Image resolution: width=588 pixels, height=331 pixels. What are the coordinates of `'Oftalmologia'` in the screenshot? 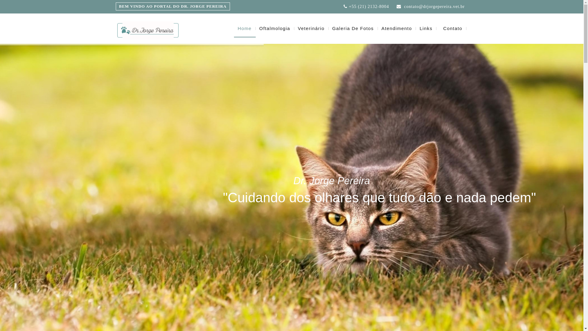 It's located at (274, 28).